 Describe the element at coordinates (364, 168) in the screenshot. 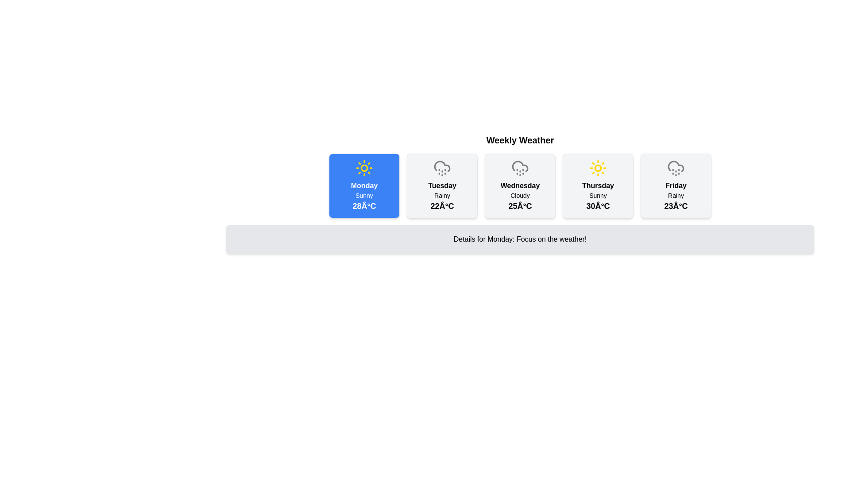

I see `the sunny weather icon located at the top section of the blue weather card for Monday, which is the first card in a horizontal row of similar cards` at that location.